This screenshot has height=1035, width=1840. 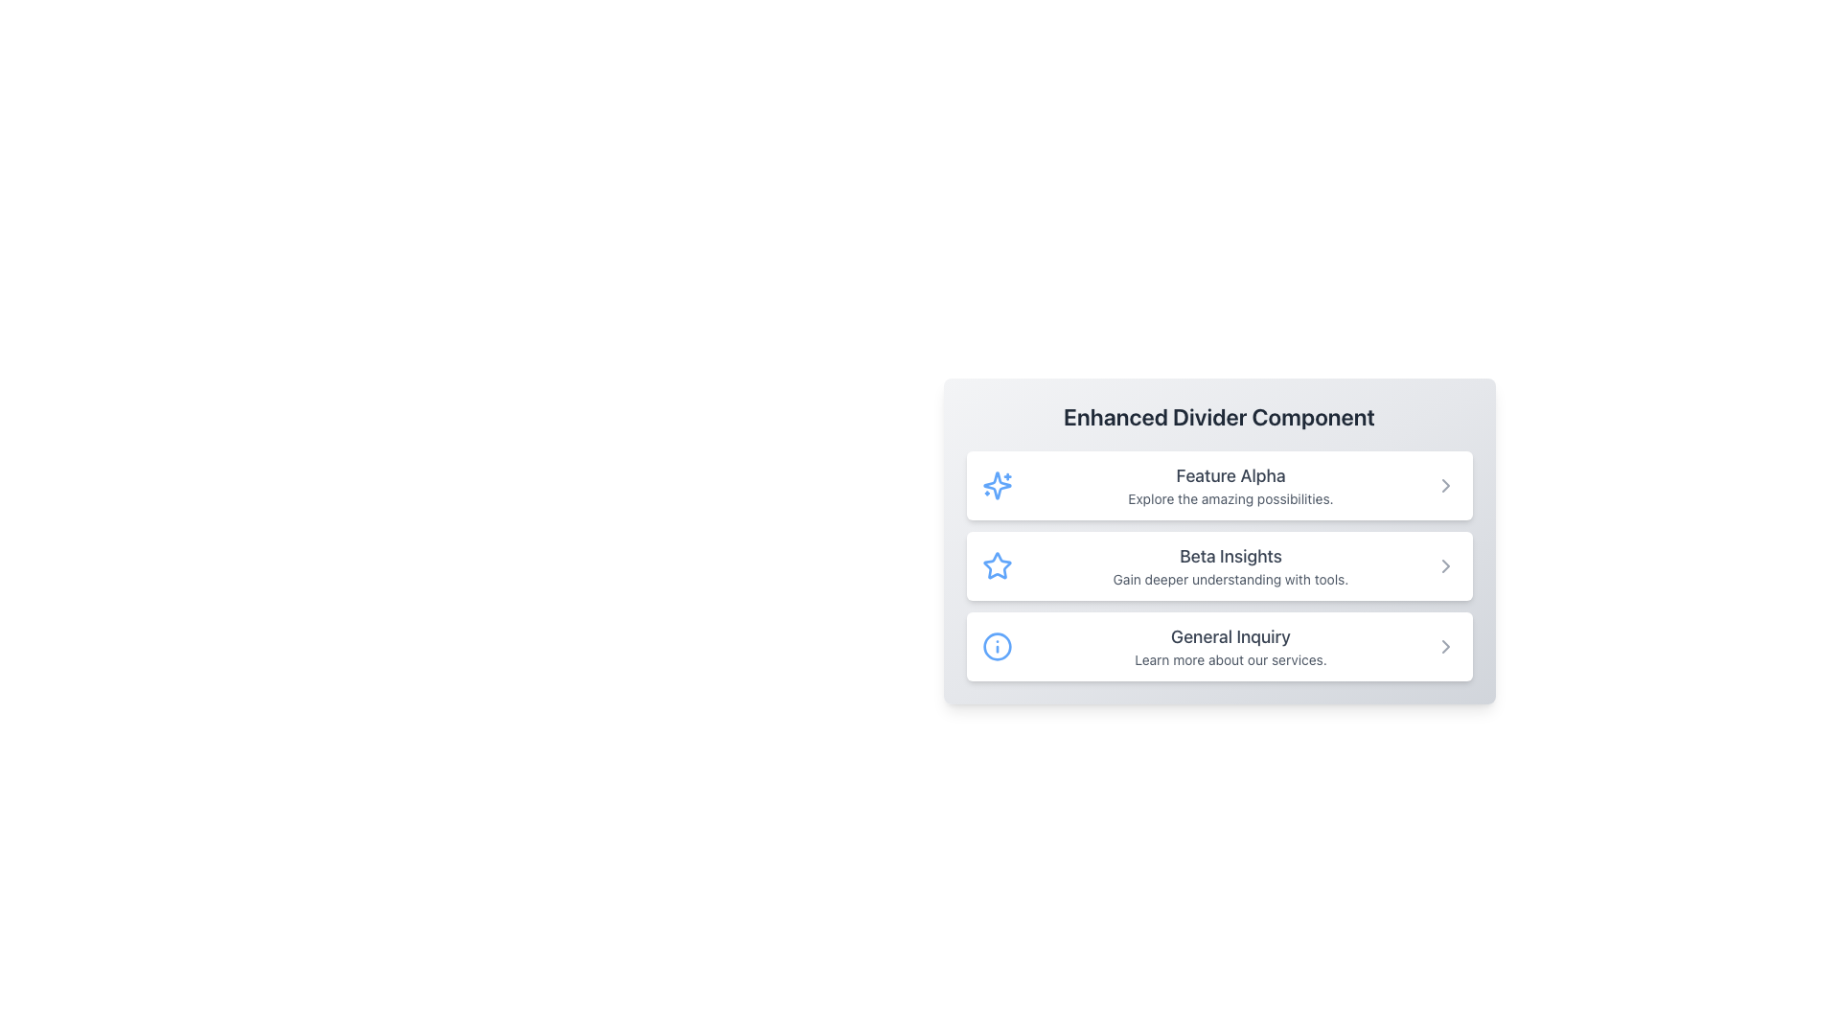 What do you see at coordinates (1230, 497) in the screenshot?
I see `informational text label that serves as a descriptive subtitle for the 'Feature Alpha' feature, positioned underneath it within the 'Enhanced Divider Component'` at bounding box center [1230, 497].